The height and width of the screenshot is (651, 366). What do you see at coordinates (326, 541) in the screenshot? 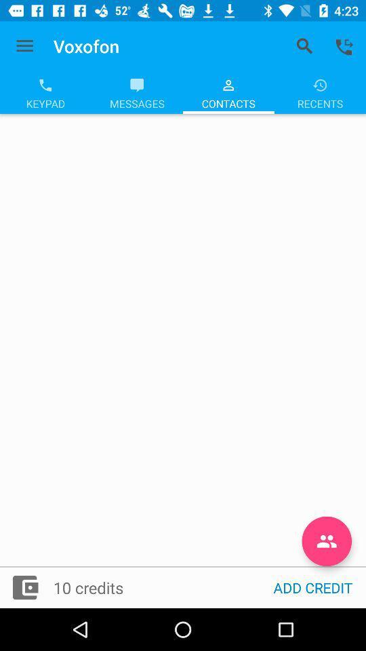
I see `the item below recents item` at bounding box center [326, 541].